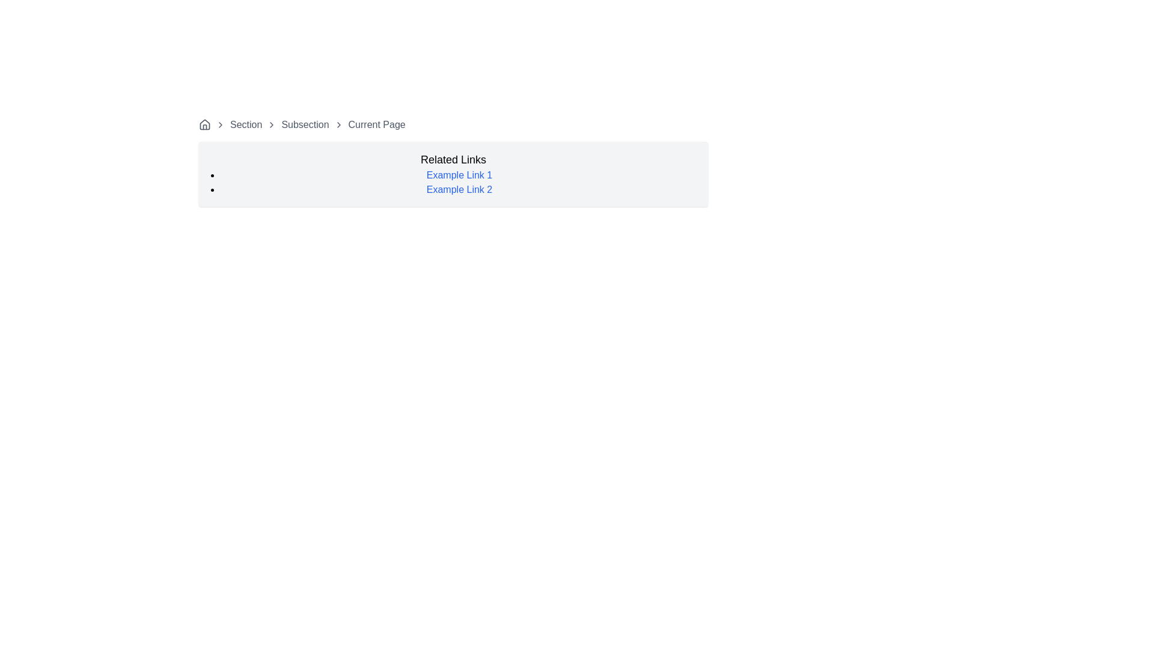  I want to click on the second chevron icon in the breadcrumb navigation, which serves as a visual separator and navigational indicator between 'Section' and 'Subsection', so click(271, 125).